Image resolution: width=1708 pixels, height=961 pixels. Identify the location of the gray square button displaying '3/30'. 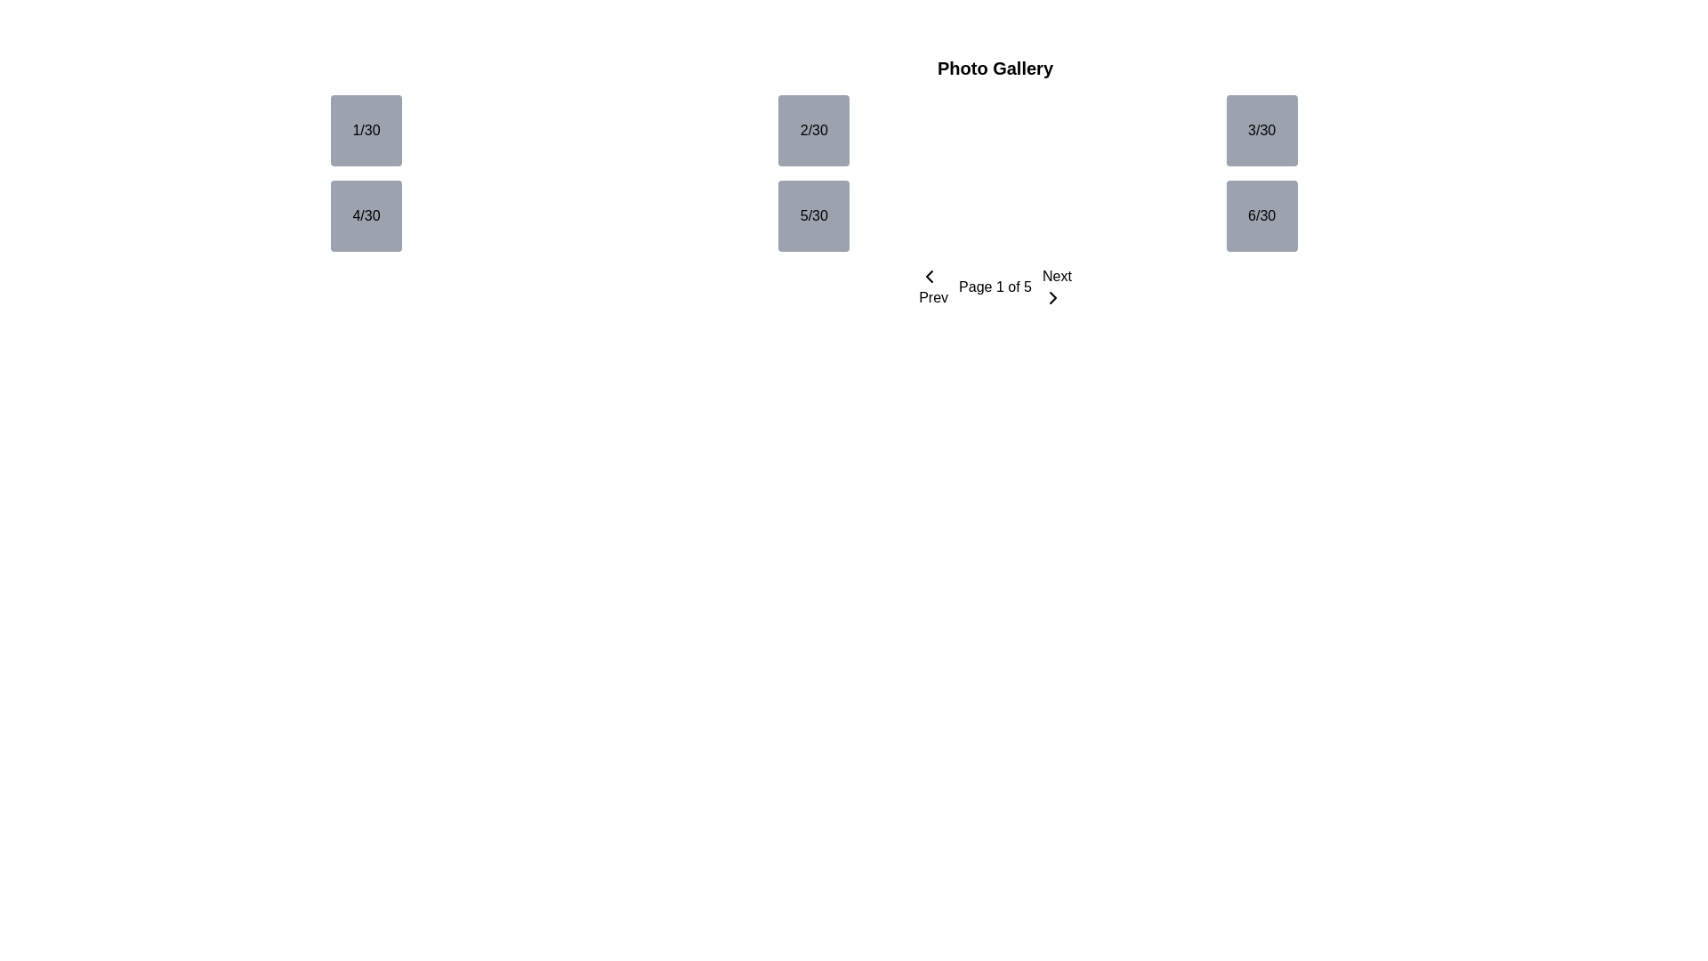
(1261, 129).